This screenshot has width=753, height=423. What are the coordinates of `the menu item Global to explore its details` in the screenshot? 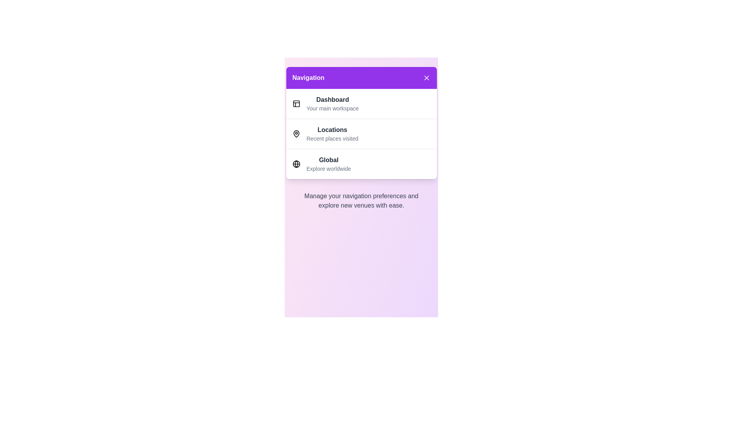 It's located at (329, 164).